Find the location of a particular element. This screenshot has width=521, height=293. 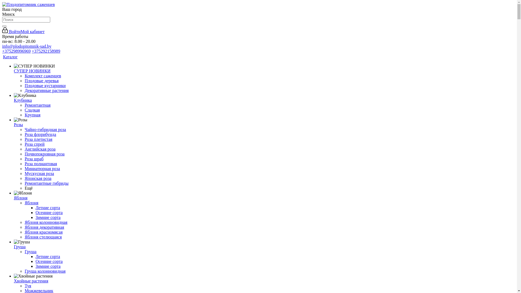

'+375292158989' is located at coordinates (31, 51).